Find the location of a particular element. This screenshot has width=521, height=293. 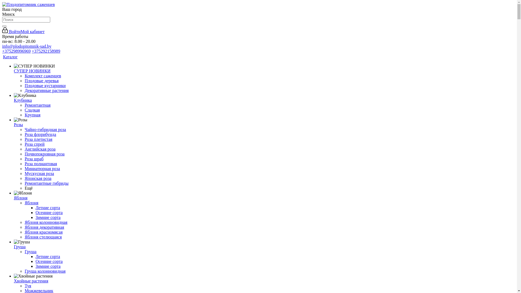

'+375292158989' is located at coordinates (31, 51).